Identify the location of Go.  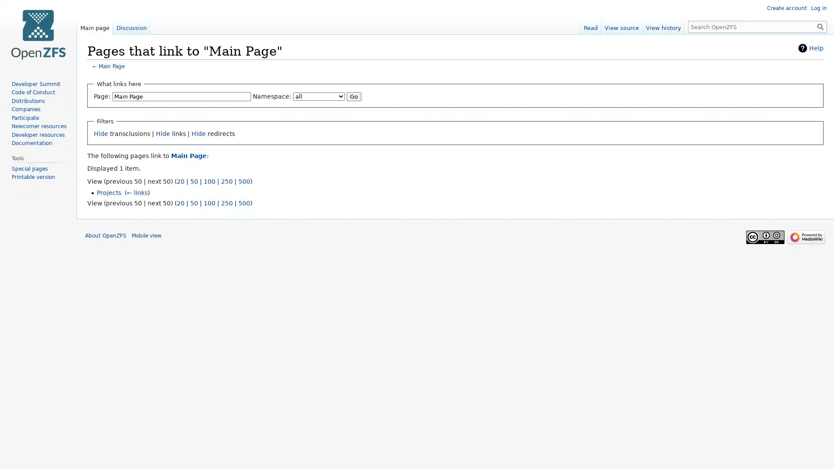
(820, 26).